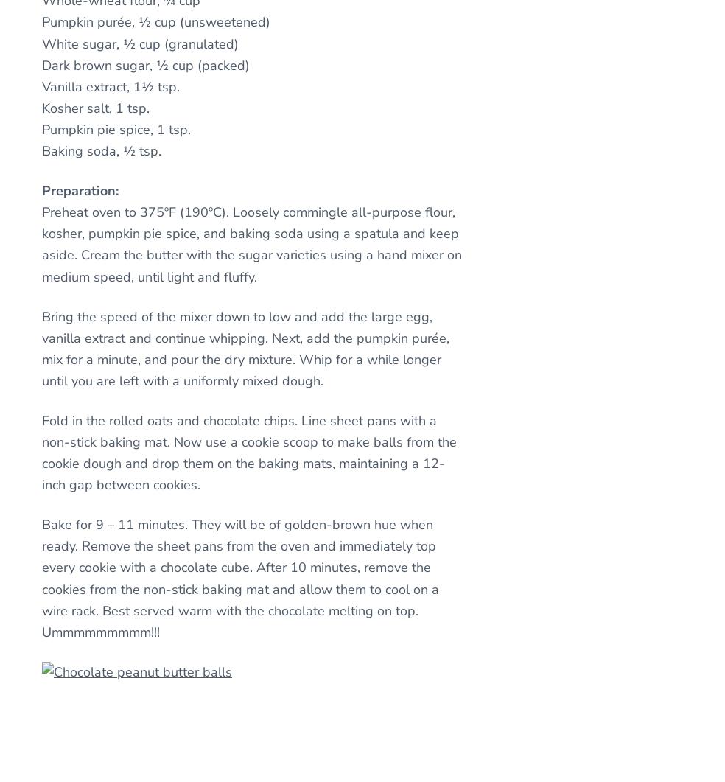 The width and height of the screenshot is (725, 782). What do you see at coordinates (41, 107) in the screenshot?
I see `'Kosher salt, 1 tsp.'` at bounding box center [41, 107].